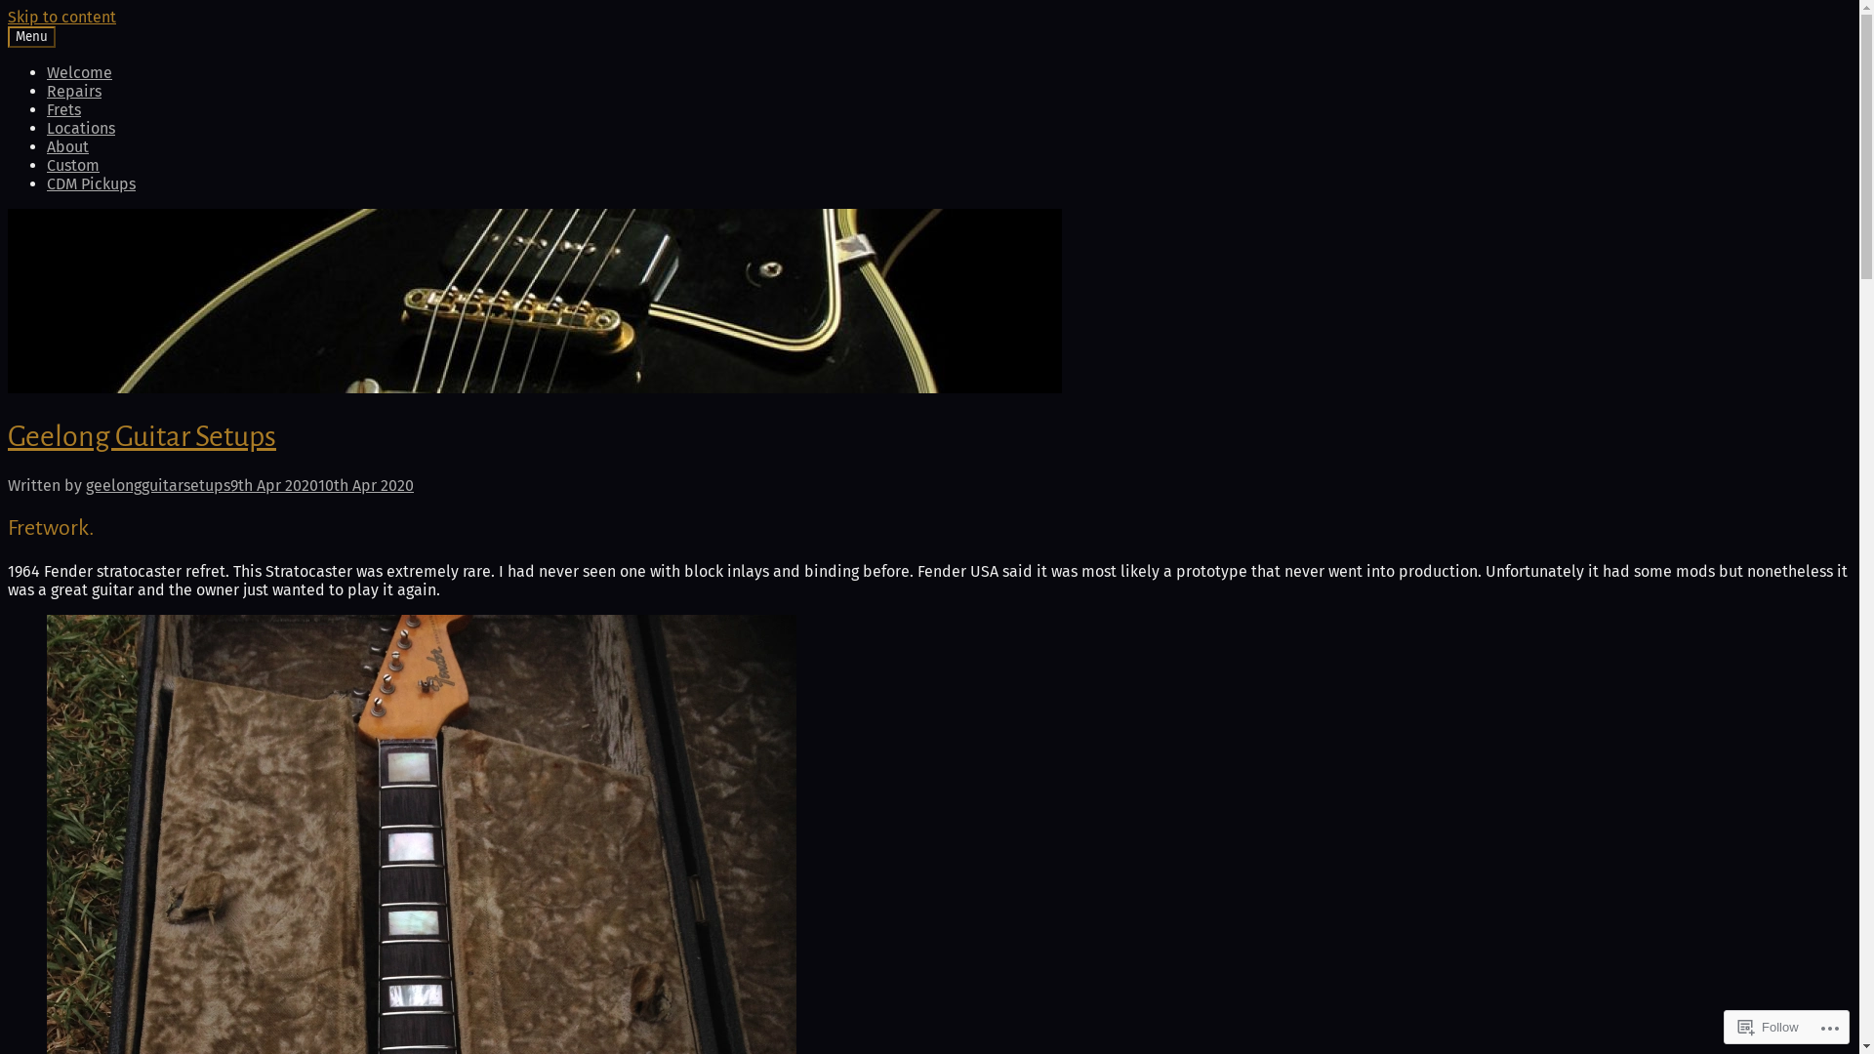 The width and height of the screenshot is (1874, 1054). Describe the element at coordinates (47, 145) in the screenshot. I see `'About'` at that location.